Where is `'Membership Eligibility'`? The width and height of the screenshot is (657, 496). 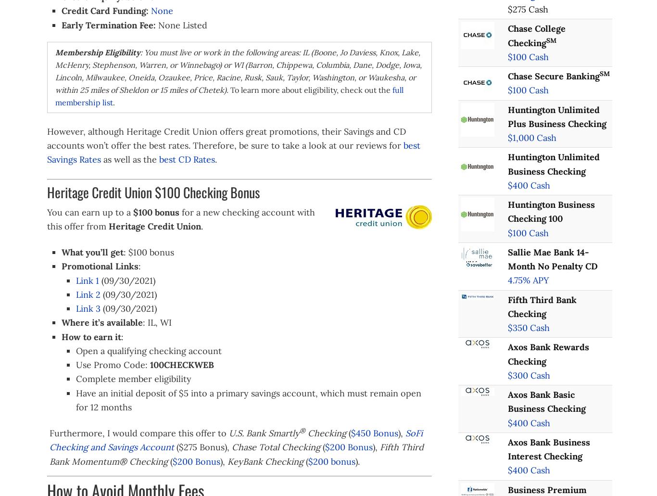
'Membership Eligibility' is located at coordinates (97, 51).